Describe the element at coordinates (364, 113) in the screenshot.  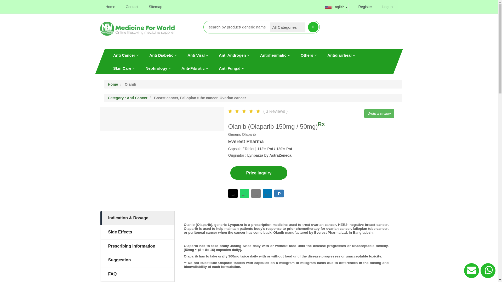
I see `'Write a review'` at that location.